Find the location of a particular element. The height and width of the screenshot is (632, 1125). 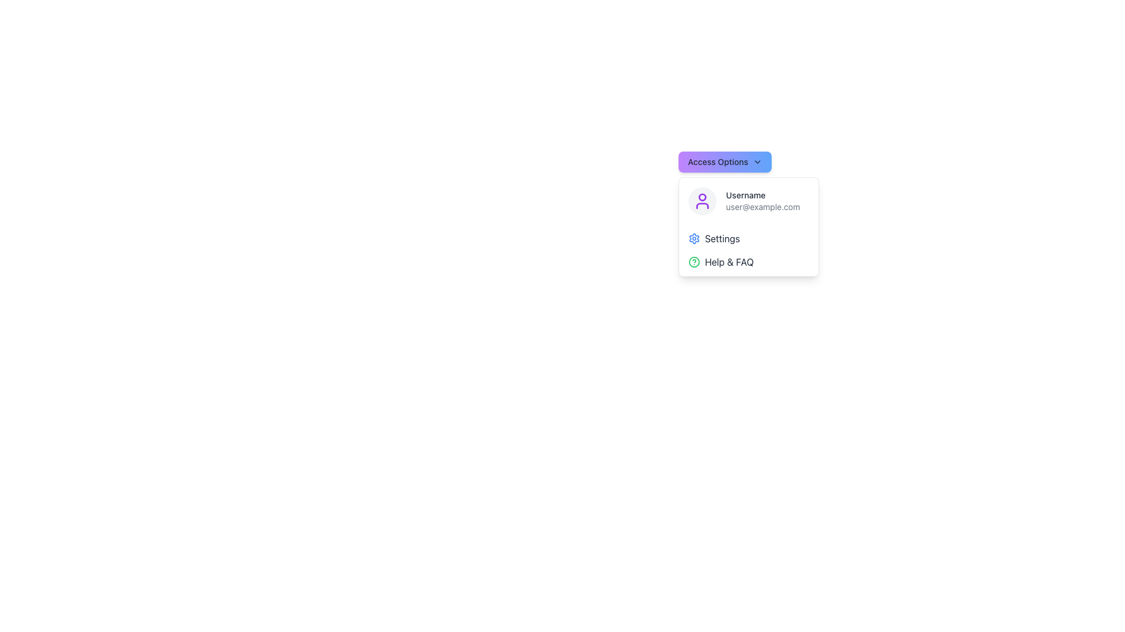

the 'Help & FAQ' list item is located at coordinates (748, 261).